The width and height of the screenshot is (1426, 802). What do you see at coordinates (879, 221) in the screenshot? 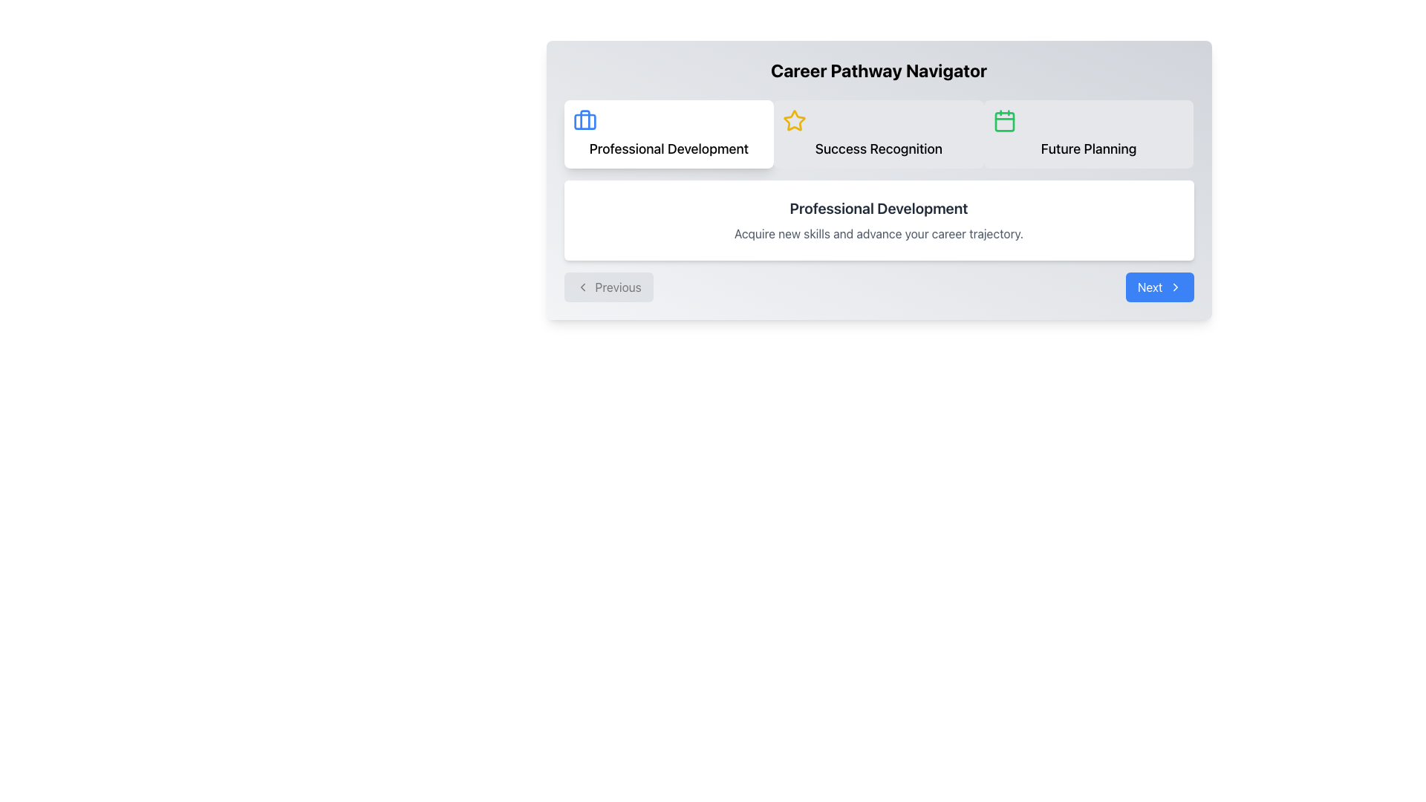
I see `the Informational Card that provides information about 'Professional Development', which is located centrally within the 'Career Pathway Navigator' section below the options 'Professional Development', 'Success Recognition', and 'Future Planning'` at bounding box center [879, 221].